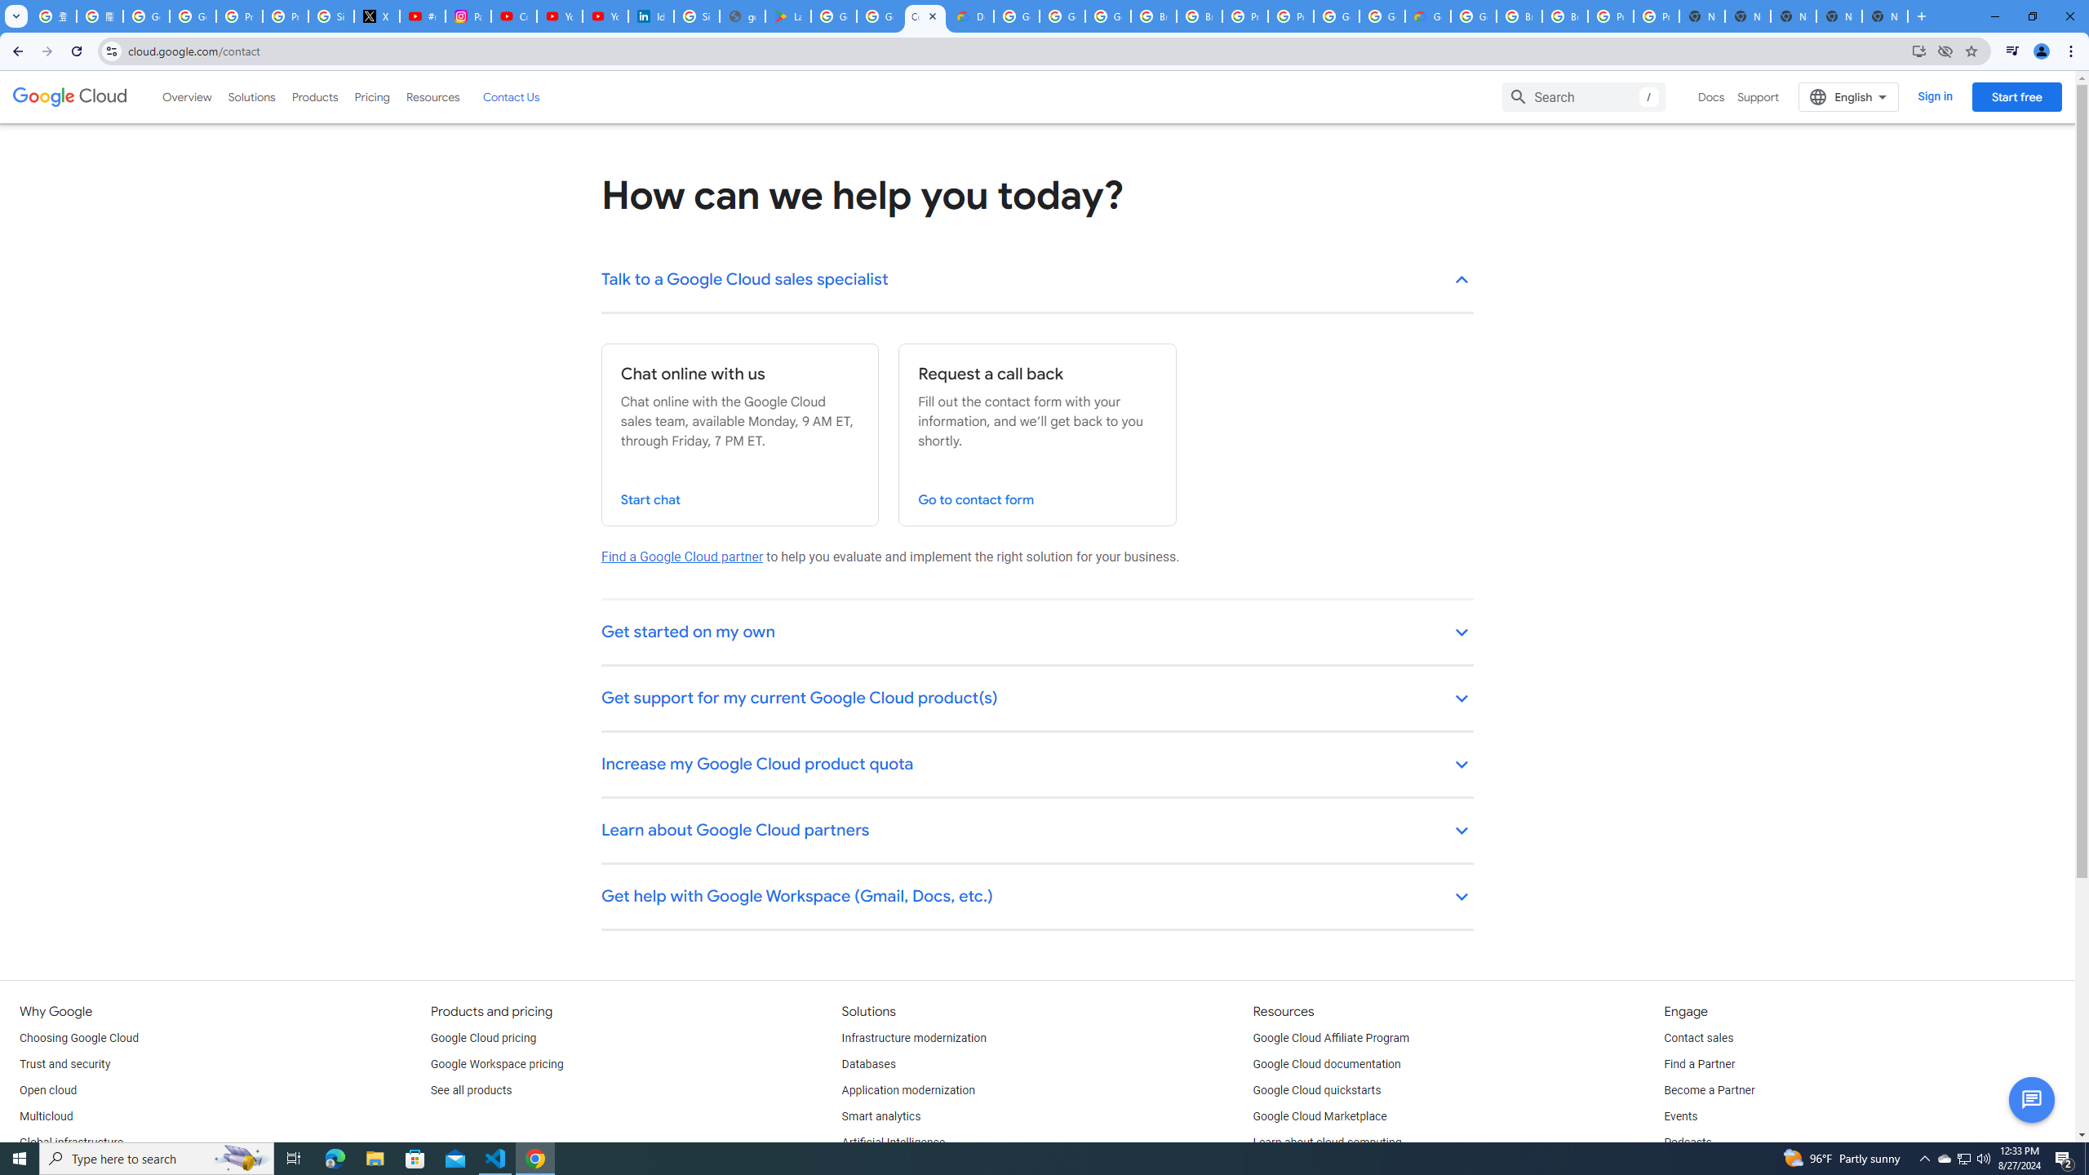  Describe the element at coordinates (64, 1063) in the screenshot. I see `'Trust and security'` at that location.